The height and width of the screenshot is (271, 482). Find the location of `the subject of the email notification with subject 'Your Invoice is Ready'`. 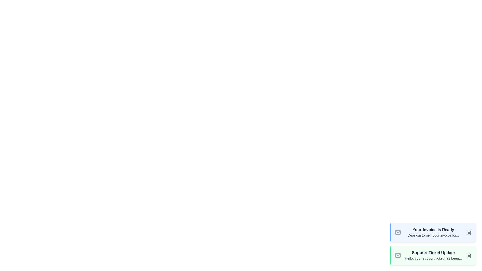

the subject of the email notification with subject 'Your Invoice is Ready' is located at coordinates (433, 230).